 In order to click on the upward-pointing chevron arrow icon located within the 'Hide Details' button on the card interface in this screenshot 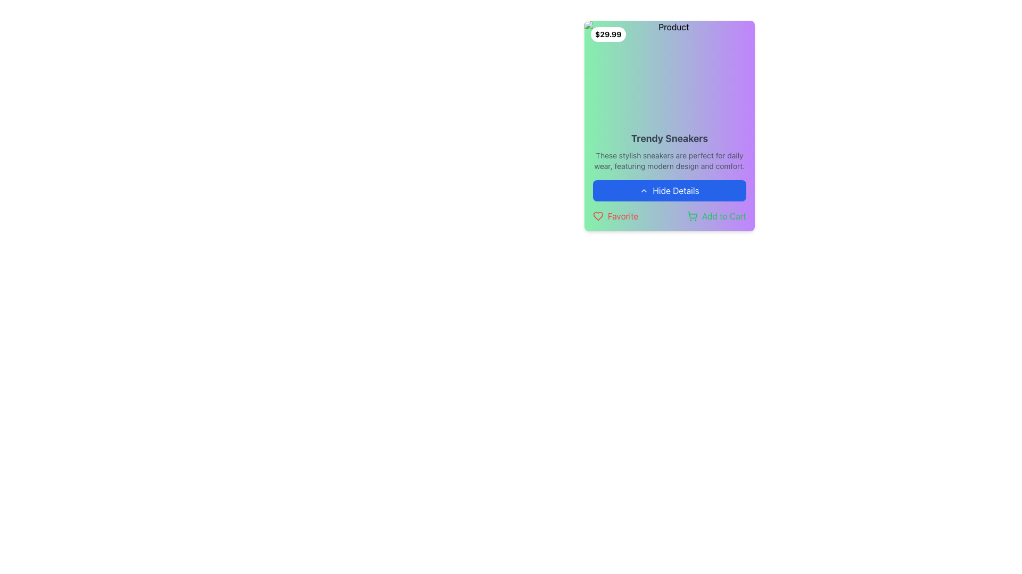, I will do `click(644, 190)`.